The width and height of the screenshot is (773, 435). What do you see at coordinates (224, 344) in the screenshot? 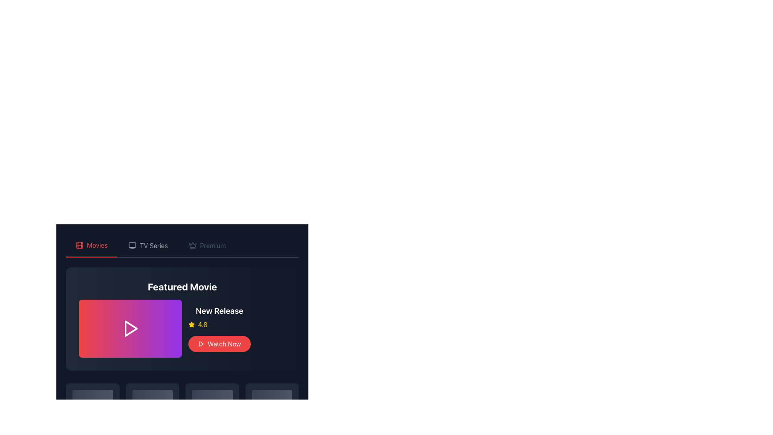
I see `the button labeled with a call-to-action text that prompts users to play a movie, located in the middle-right area of the featured movie card below the 'New Release' label and adjacent to a play icon` at bounding box center [224, 344].